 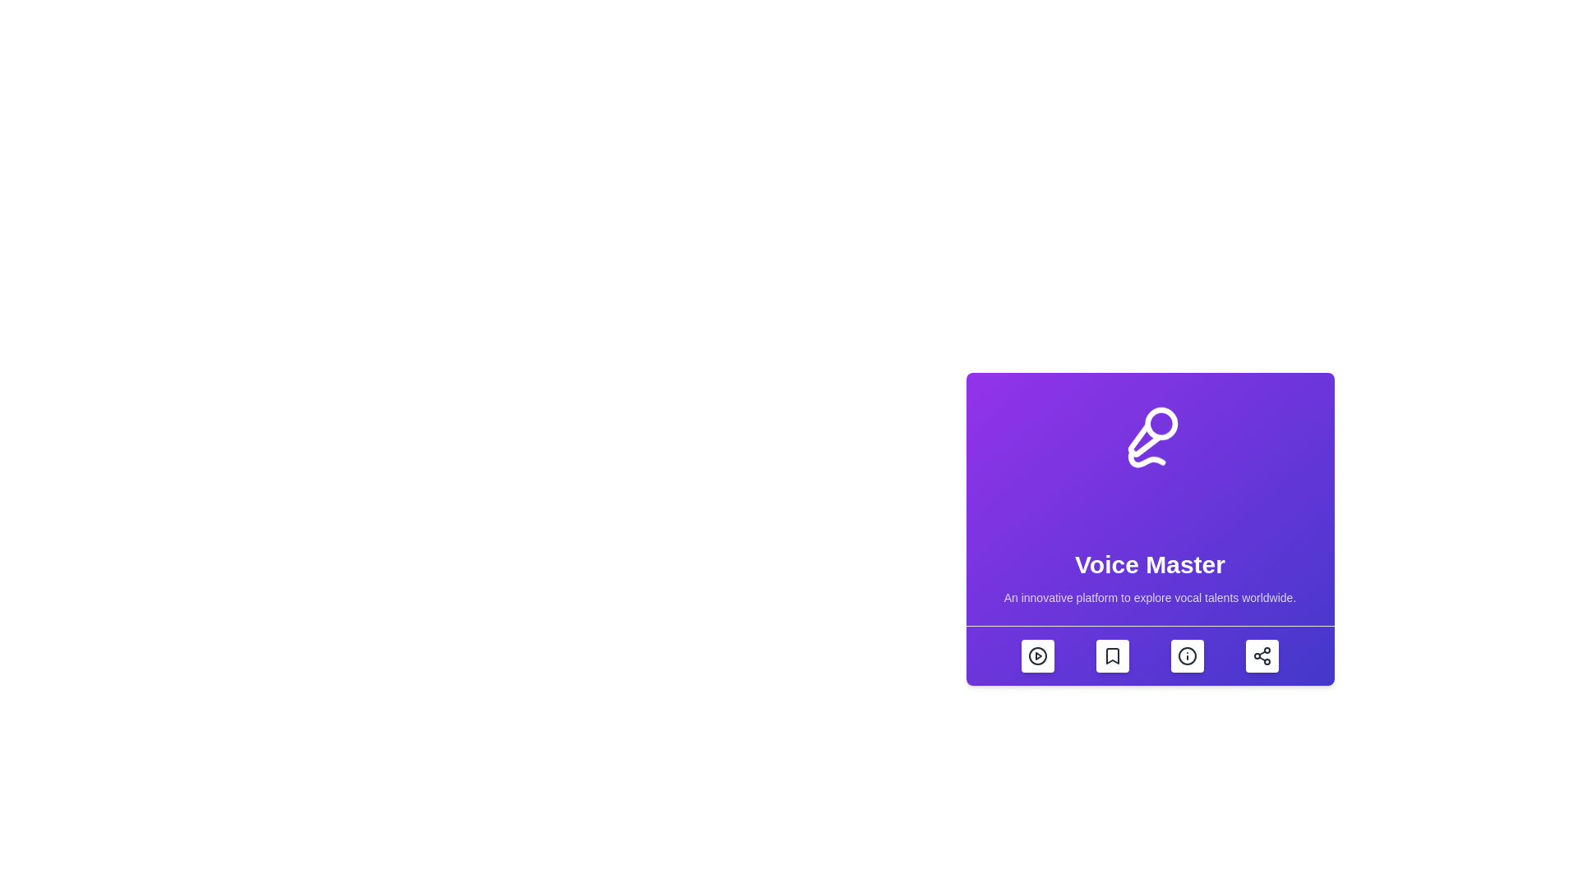 What do you see at coordinates (1149, 563) in the screenshot?
I see `the text element 'Voice Master'` at bounding box center [1149, 563].